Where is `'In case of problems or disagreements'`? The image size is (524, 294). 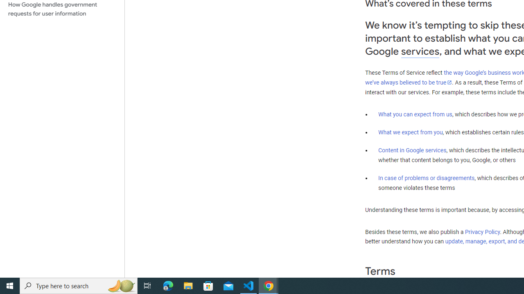
'In case of problems or disagreements' is located at coordinates (426, 177).